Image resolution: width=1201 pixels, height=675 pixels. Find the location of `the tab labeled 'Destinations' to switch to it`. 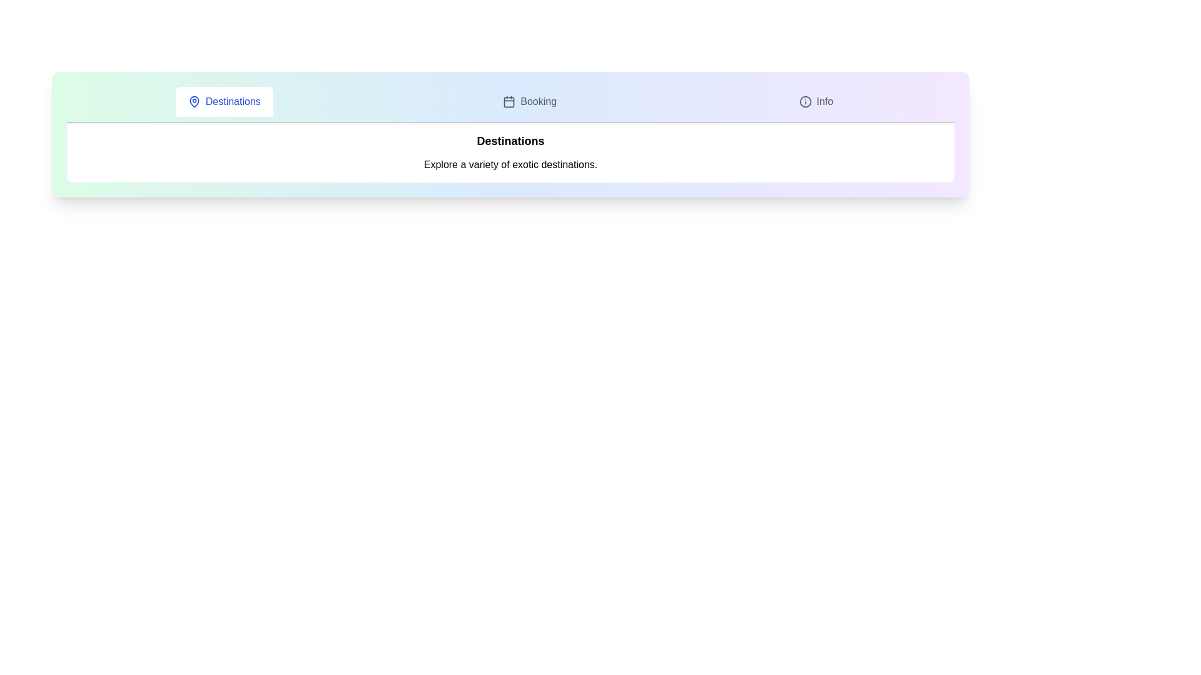

the tab labeled 'Destinations' to switch to it is located at coordinates (224, 101).